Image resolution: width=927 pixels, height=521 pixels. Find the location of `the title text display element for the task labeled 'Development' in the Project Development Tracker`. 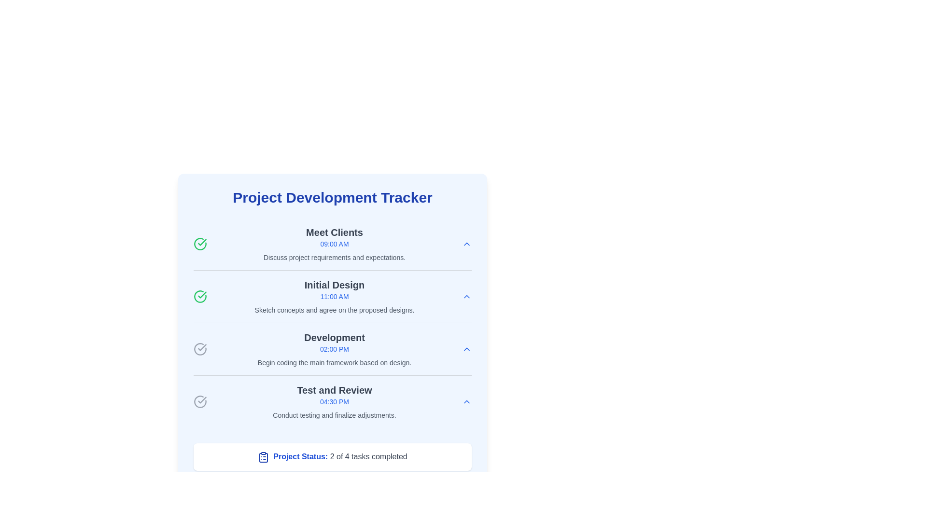

the title text display element for the task labeled 'Development' in the Project Development Tracker is located at coordinates (334, 337).